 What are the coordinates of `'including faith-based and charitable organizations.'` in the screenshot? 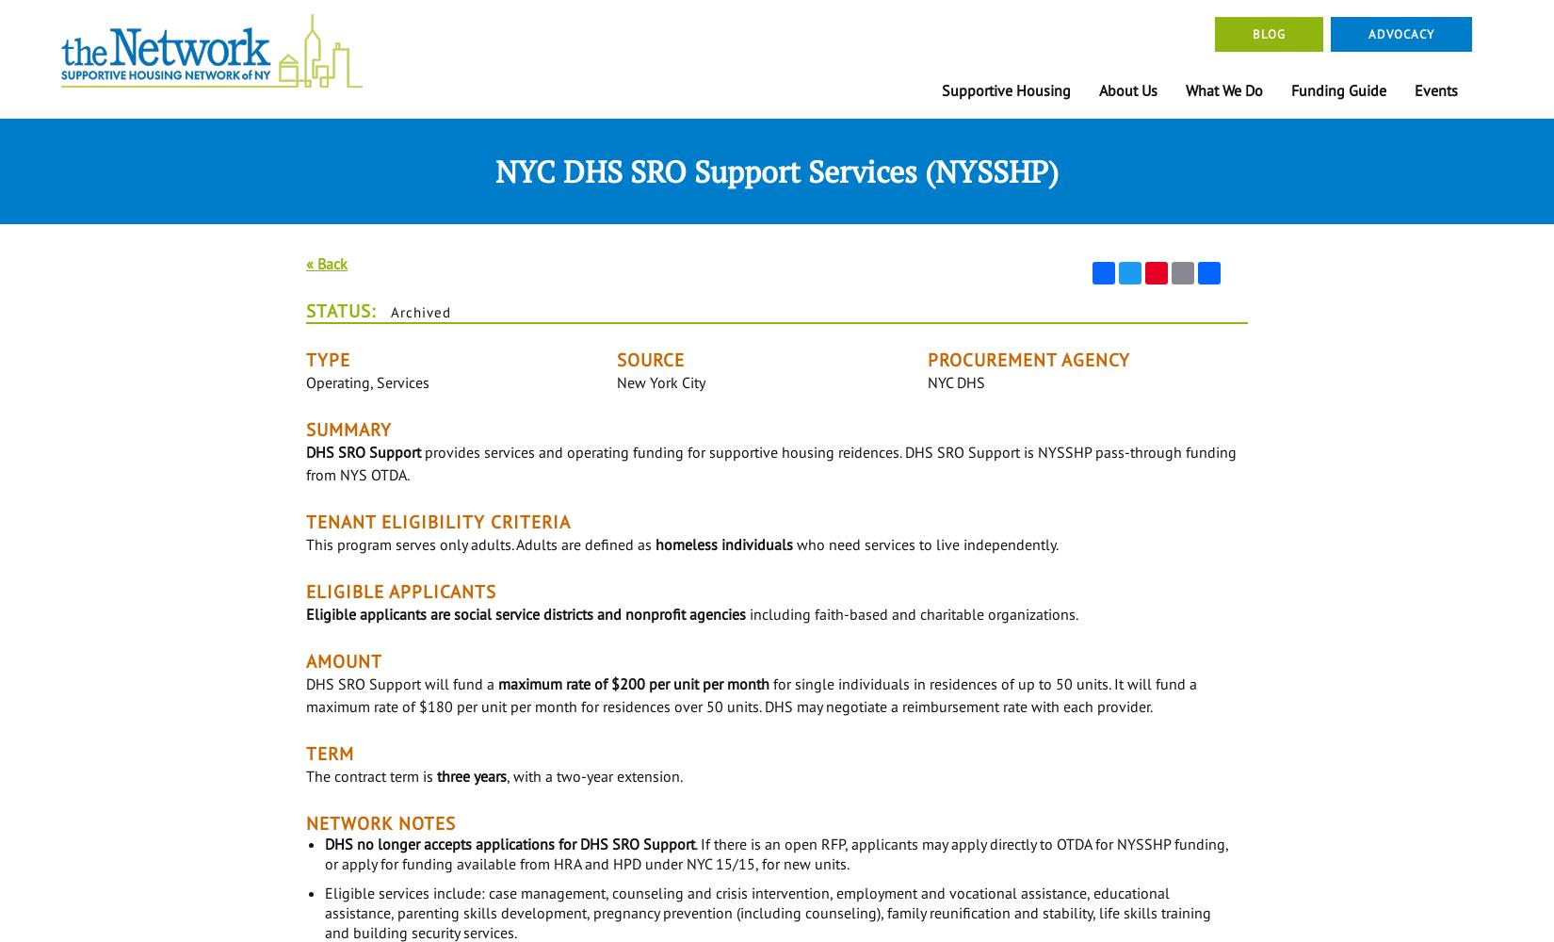 It's located at (912, 614).